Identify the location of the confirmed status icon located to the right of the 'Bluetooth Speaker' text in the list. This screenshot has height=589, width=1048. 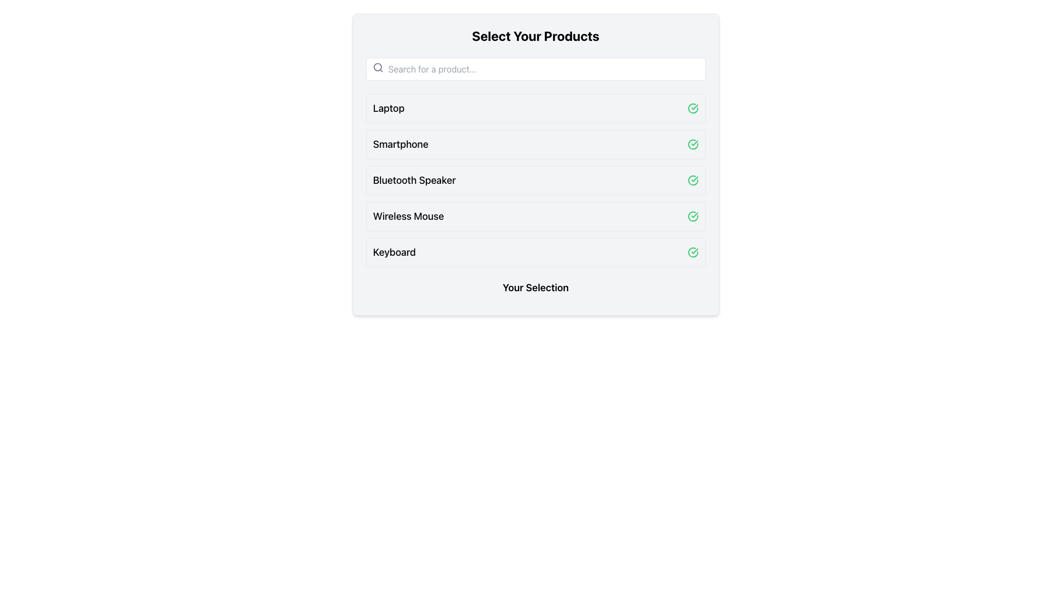
(692, 180).